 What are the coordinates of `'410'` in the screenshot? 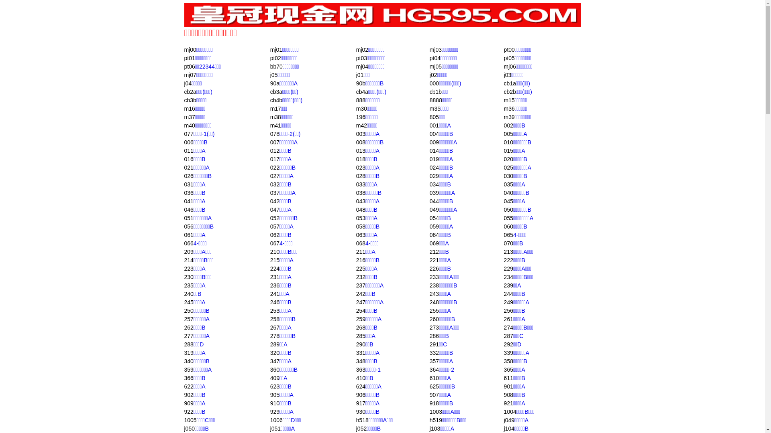 It's located at (360, 378).